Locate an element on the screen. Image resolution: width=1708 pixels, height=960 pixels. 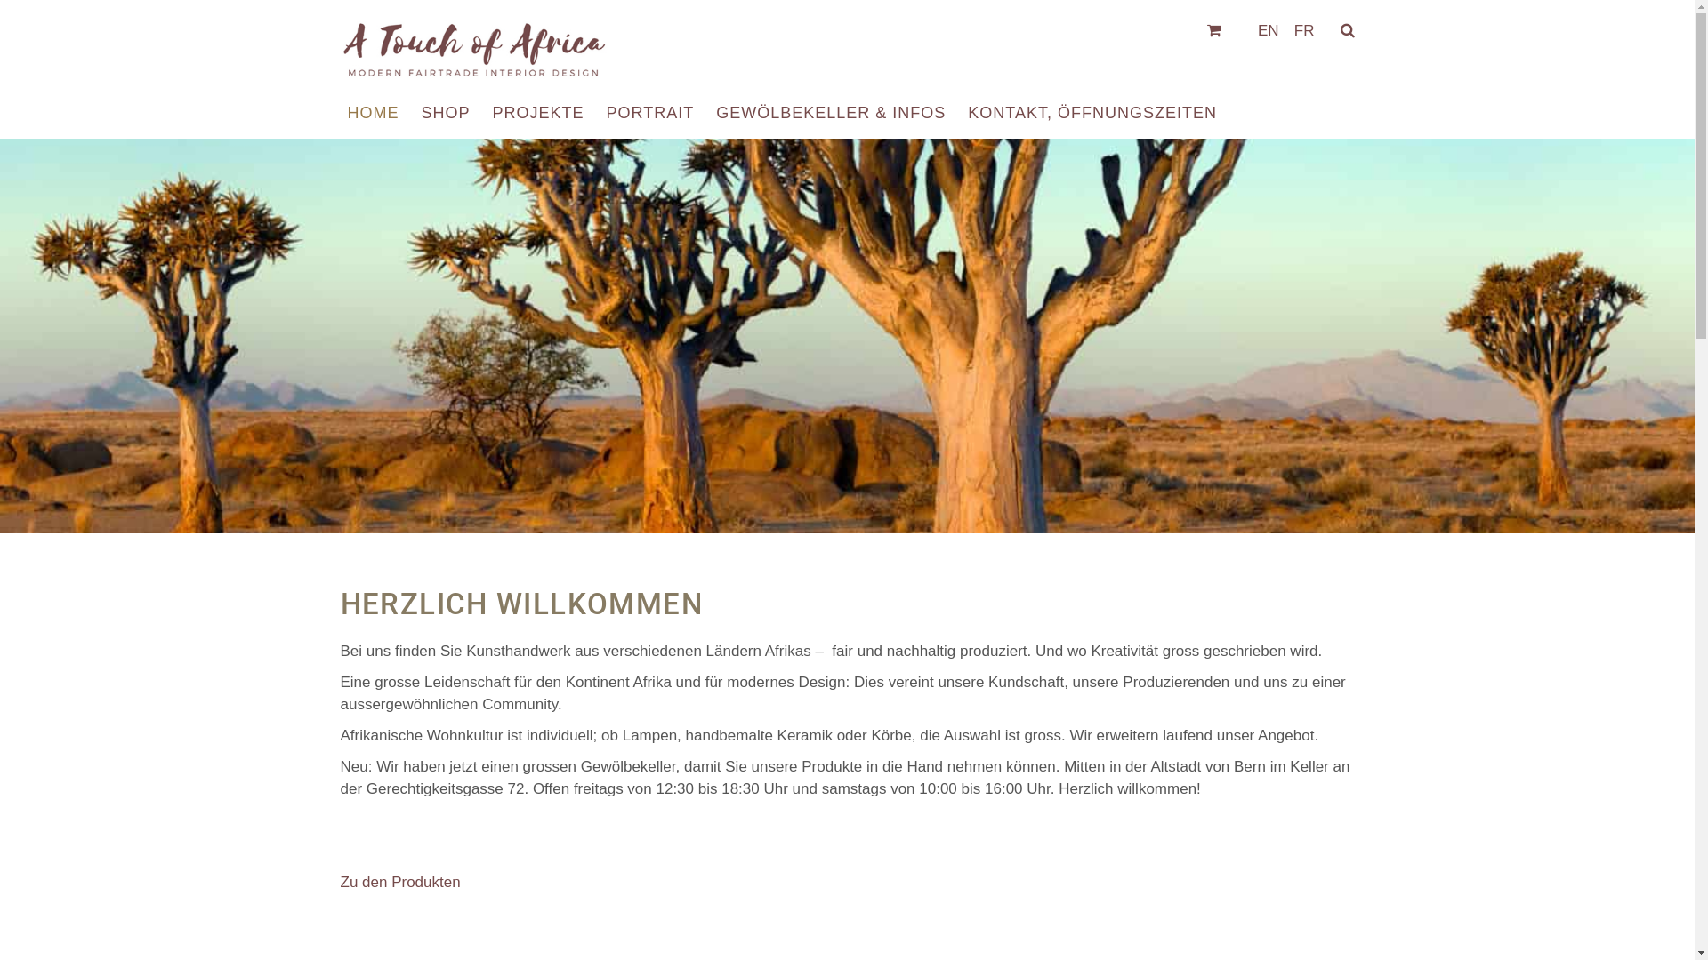
'Zu den Produkten' is located at coordinates (399, 882).